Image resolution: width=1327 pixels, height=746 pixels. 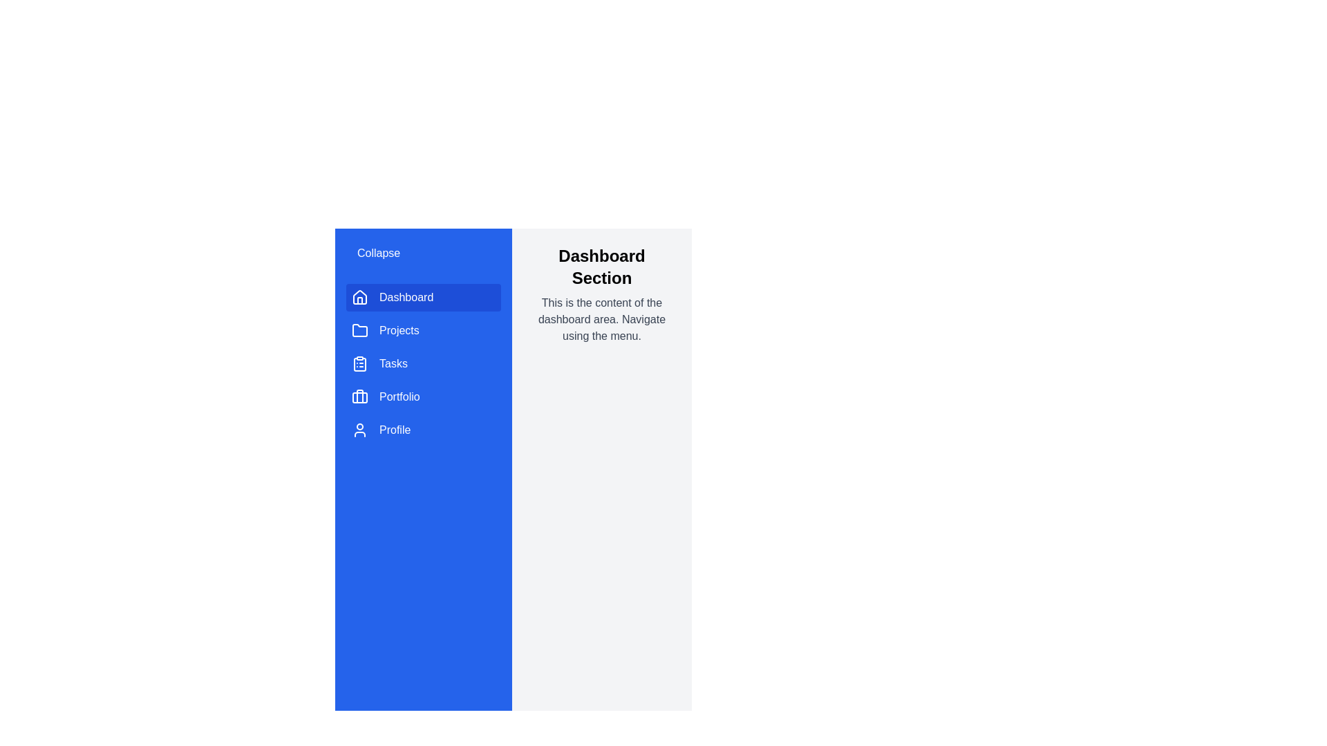 I want to click on the menu item Projects to navigate to the corresponding section, so click(x=423, y=330).